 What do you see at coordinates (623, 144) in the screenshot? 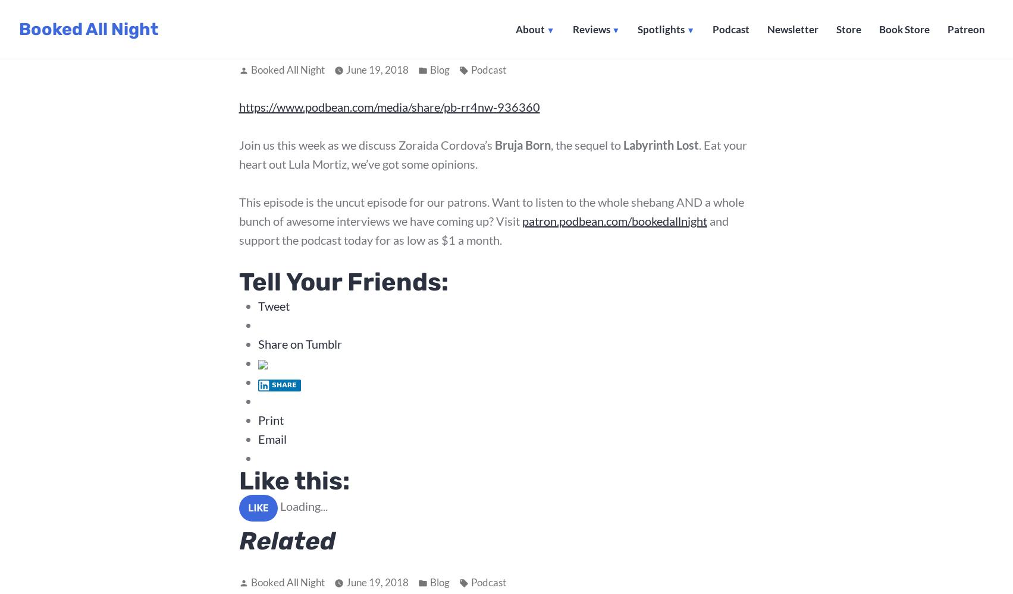
I see `'Labyrinth Lost'` at bounding box center [623, 144].